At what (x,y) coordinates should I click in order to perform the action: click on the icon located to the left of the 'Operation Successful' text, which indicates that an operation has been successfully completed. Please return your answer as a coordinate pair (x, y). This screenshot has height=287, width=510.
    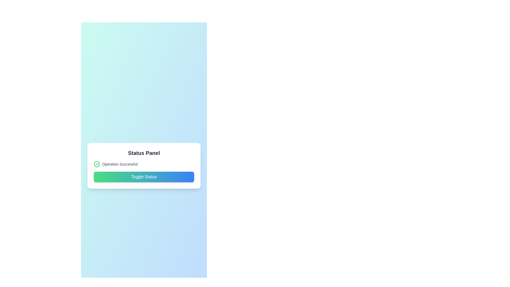
    Looking at the image, I should click on (97, 164).